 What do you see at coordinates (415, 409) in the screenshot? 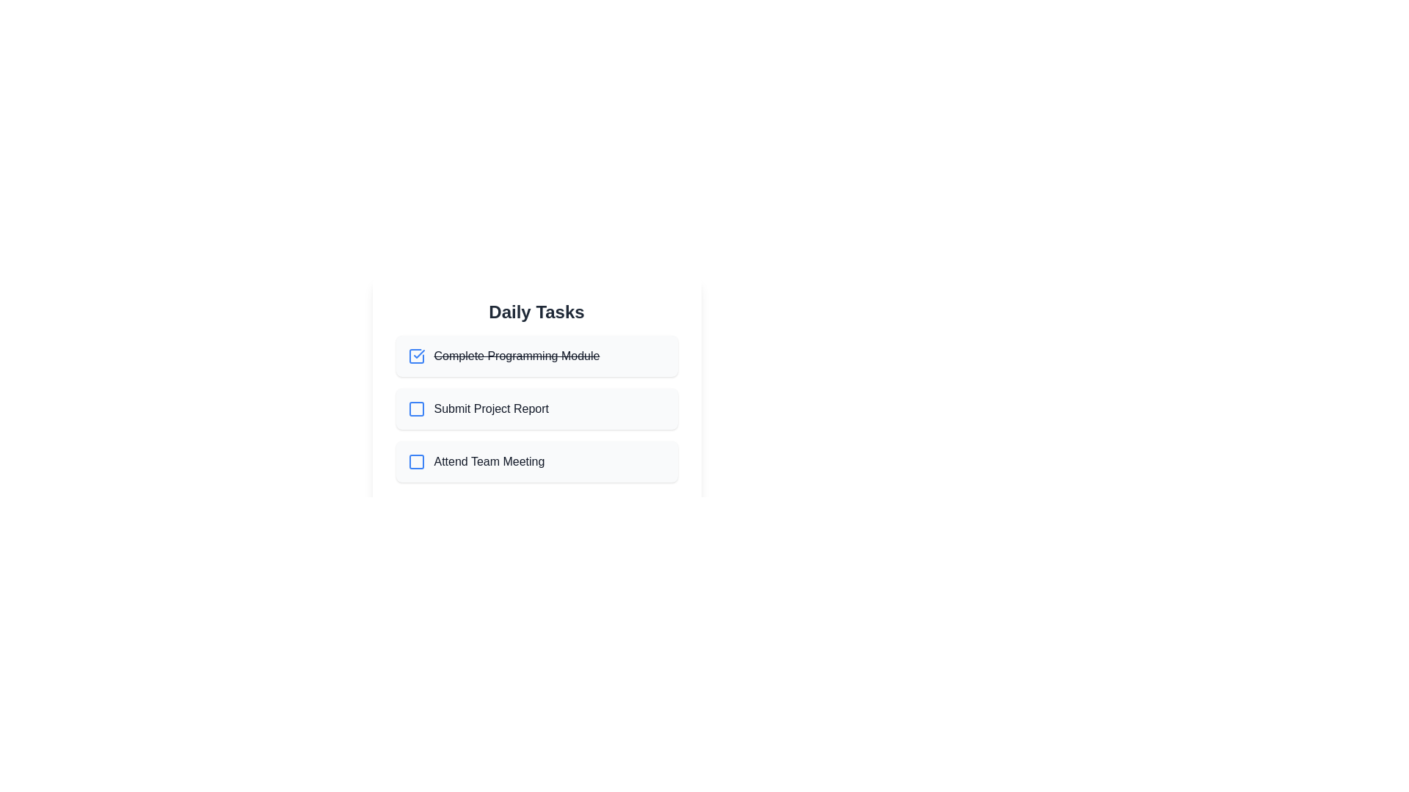
I see `the graphical subcomponent representing the status or interaction area of the second checkbox for the task 'Submit Project Report'` at bounding box center [415, 409].